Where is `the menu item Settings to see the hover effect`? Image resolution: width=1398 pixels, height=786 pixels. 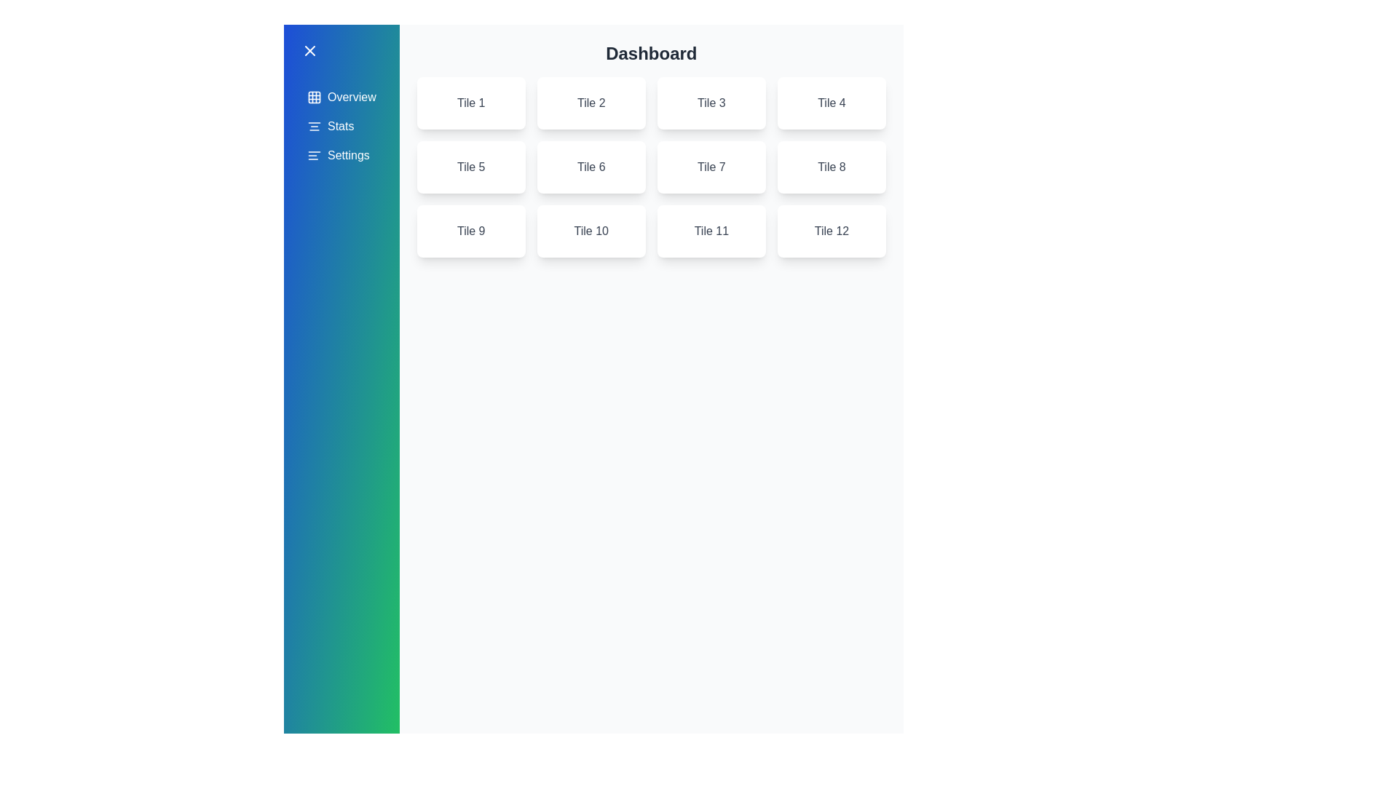 the menu item Settings to see the hover effect is located at coordinates (341, 155).